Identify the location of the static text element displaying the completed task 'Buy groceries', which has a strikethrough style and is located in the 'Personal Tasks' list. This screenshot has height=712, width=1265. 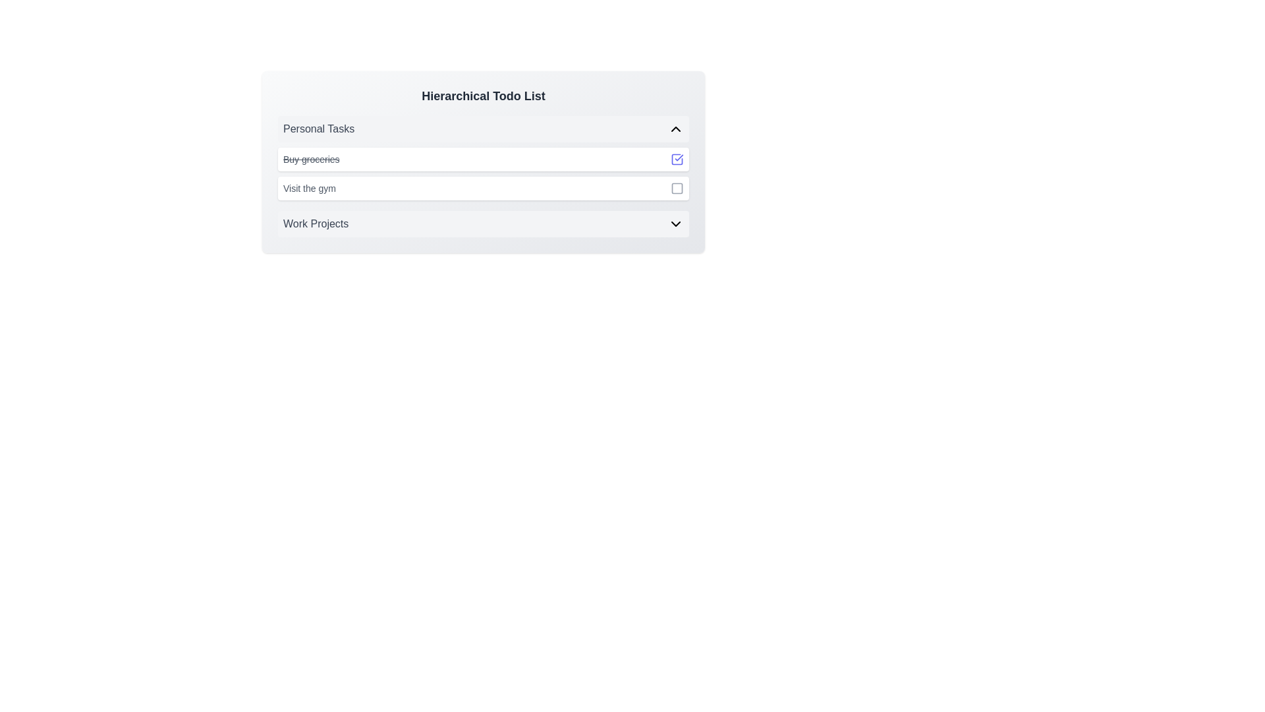
(310, 159).